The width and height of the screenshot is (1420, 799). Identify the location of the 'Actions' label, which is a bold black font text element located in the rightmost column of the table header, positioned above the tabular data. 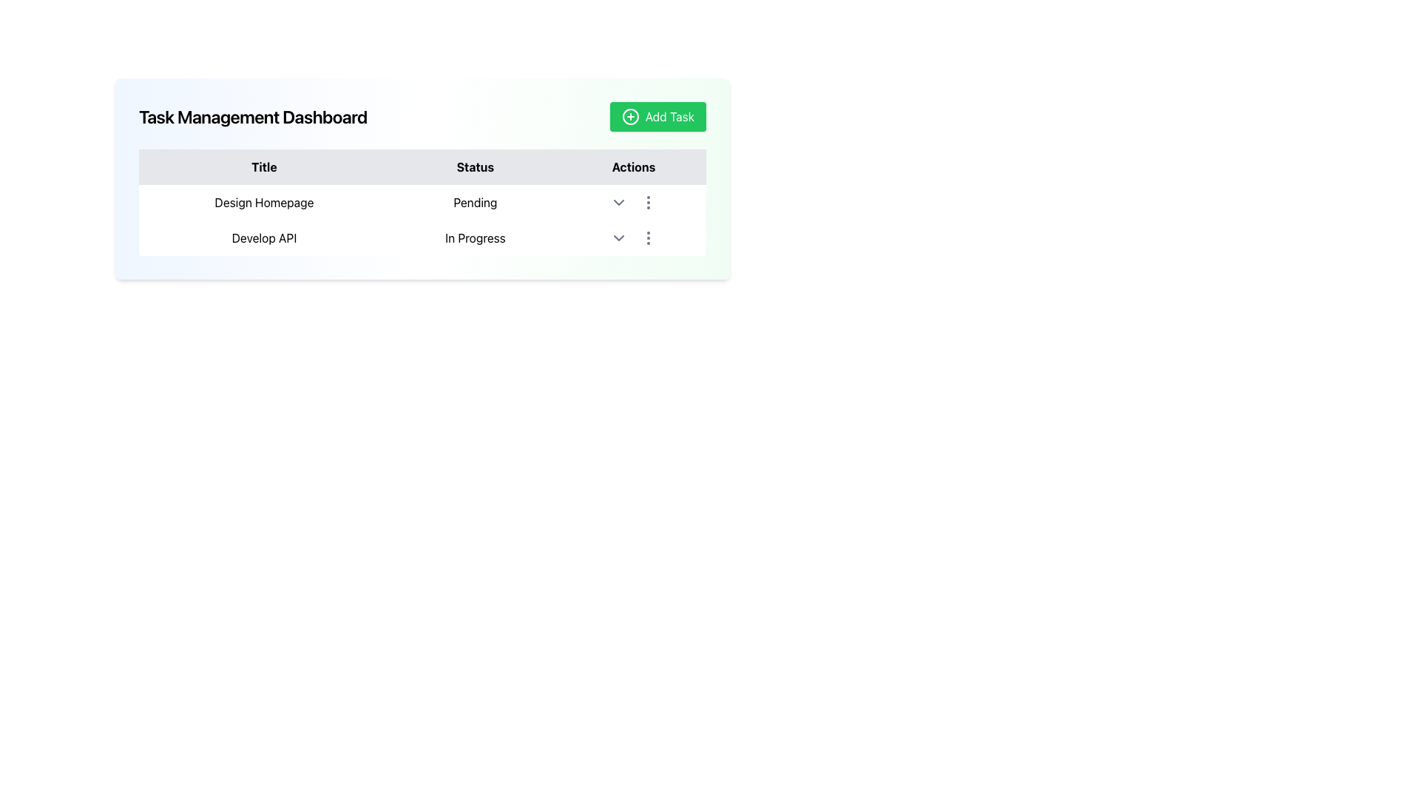
(633, 166).